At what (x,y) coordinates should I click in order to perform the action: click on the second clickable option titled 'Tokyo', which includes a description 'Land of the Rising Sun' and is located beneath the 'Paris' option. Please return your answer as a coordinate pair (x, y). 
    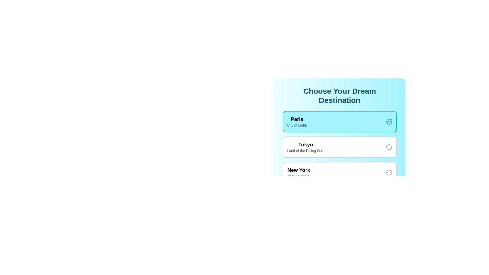
    Looking at the image, I should click on (339, 147).